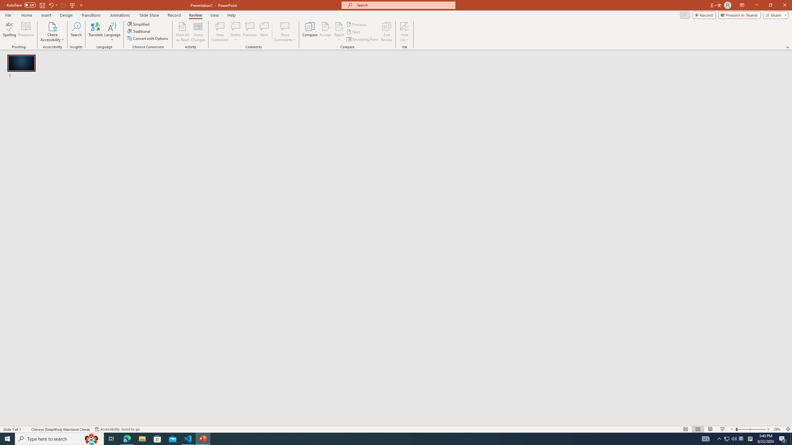 The image size is (792, 445). What do you see at coordinates (778, 429) in the screenshot?
I see `'Zoom 26%'` at bounding box center [778, 429].